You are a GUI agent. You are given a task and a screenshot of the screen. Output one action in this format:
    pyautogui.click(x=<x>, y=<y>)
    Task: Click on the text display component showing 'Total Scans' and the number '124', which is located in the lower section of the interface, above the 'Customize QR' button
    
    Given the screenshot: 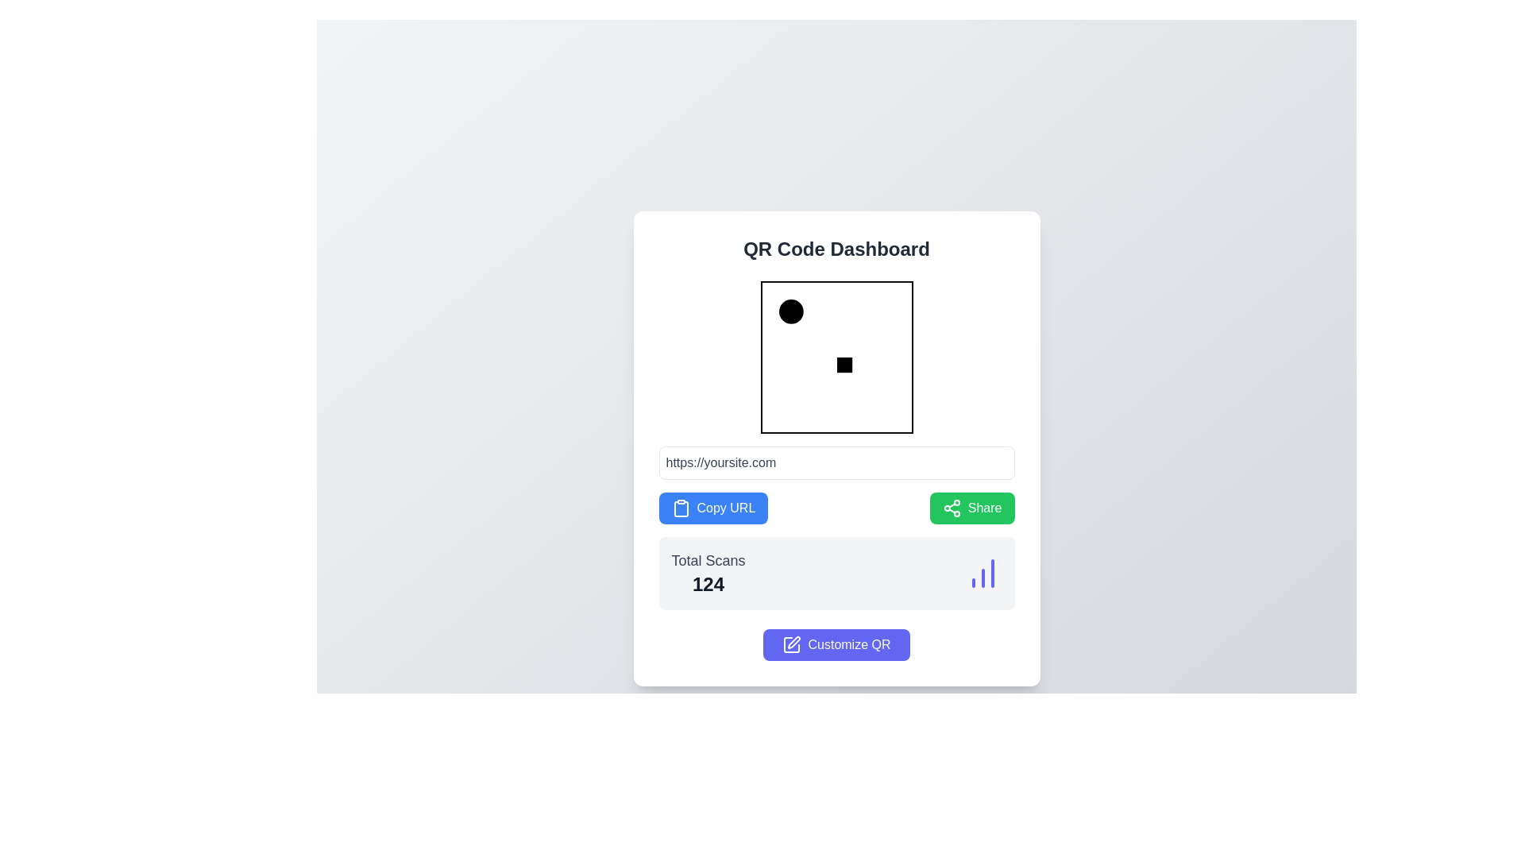 What is the action you would take?
    pyautogui.click(x=708, y=573)
    